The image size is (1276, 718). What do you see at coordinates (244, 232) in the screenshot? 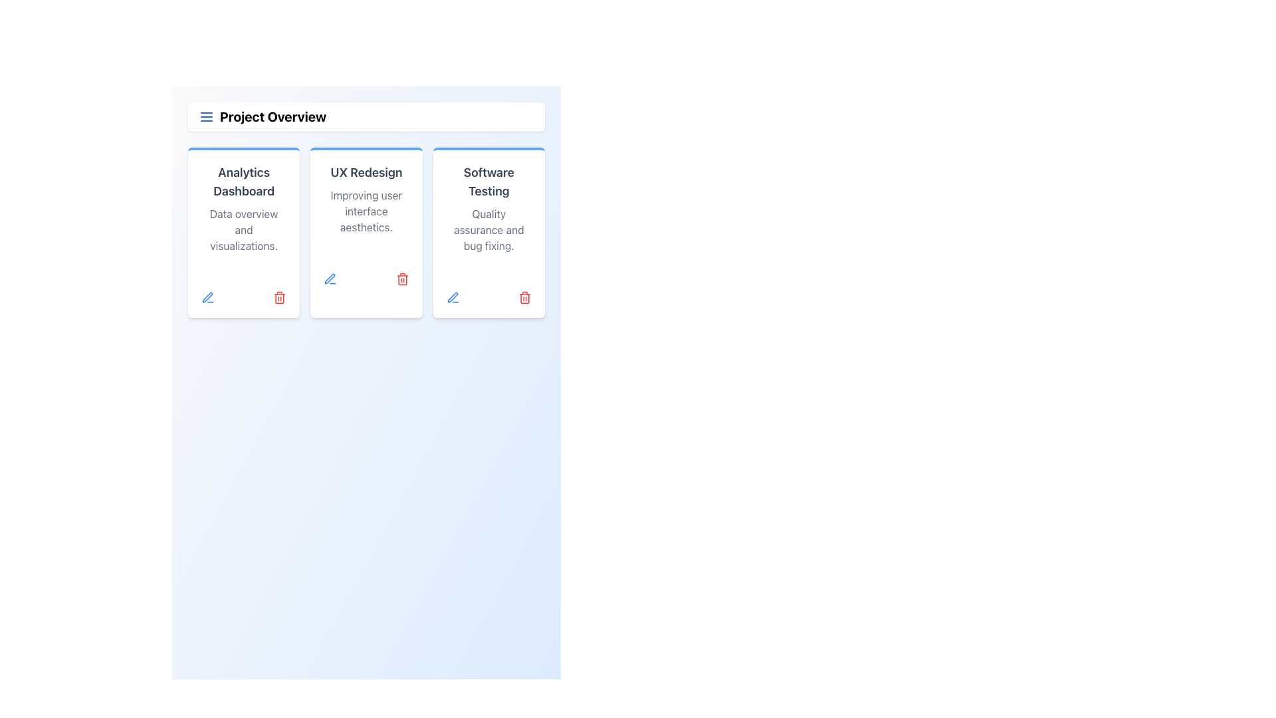
I see `information displayed on the Info card titled 'Analytics Dashboard', which features a bold header, a subtitle, and an 'Active' status label within a badge` at bounding box center [244, 232].